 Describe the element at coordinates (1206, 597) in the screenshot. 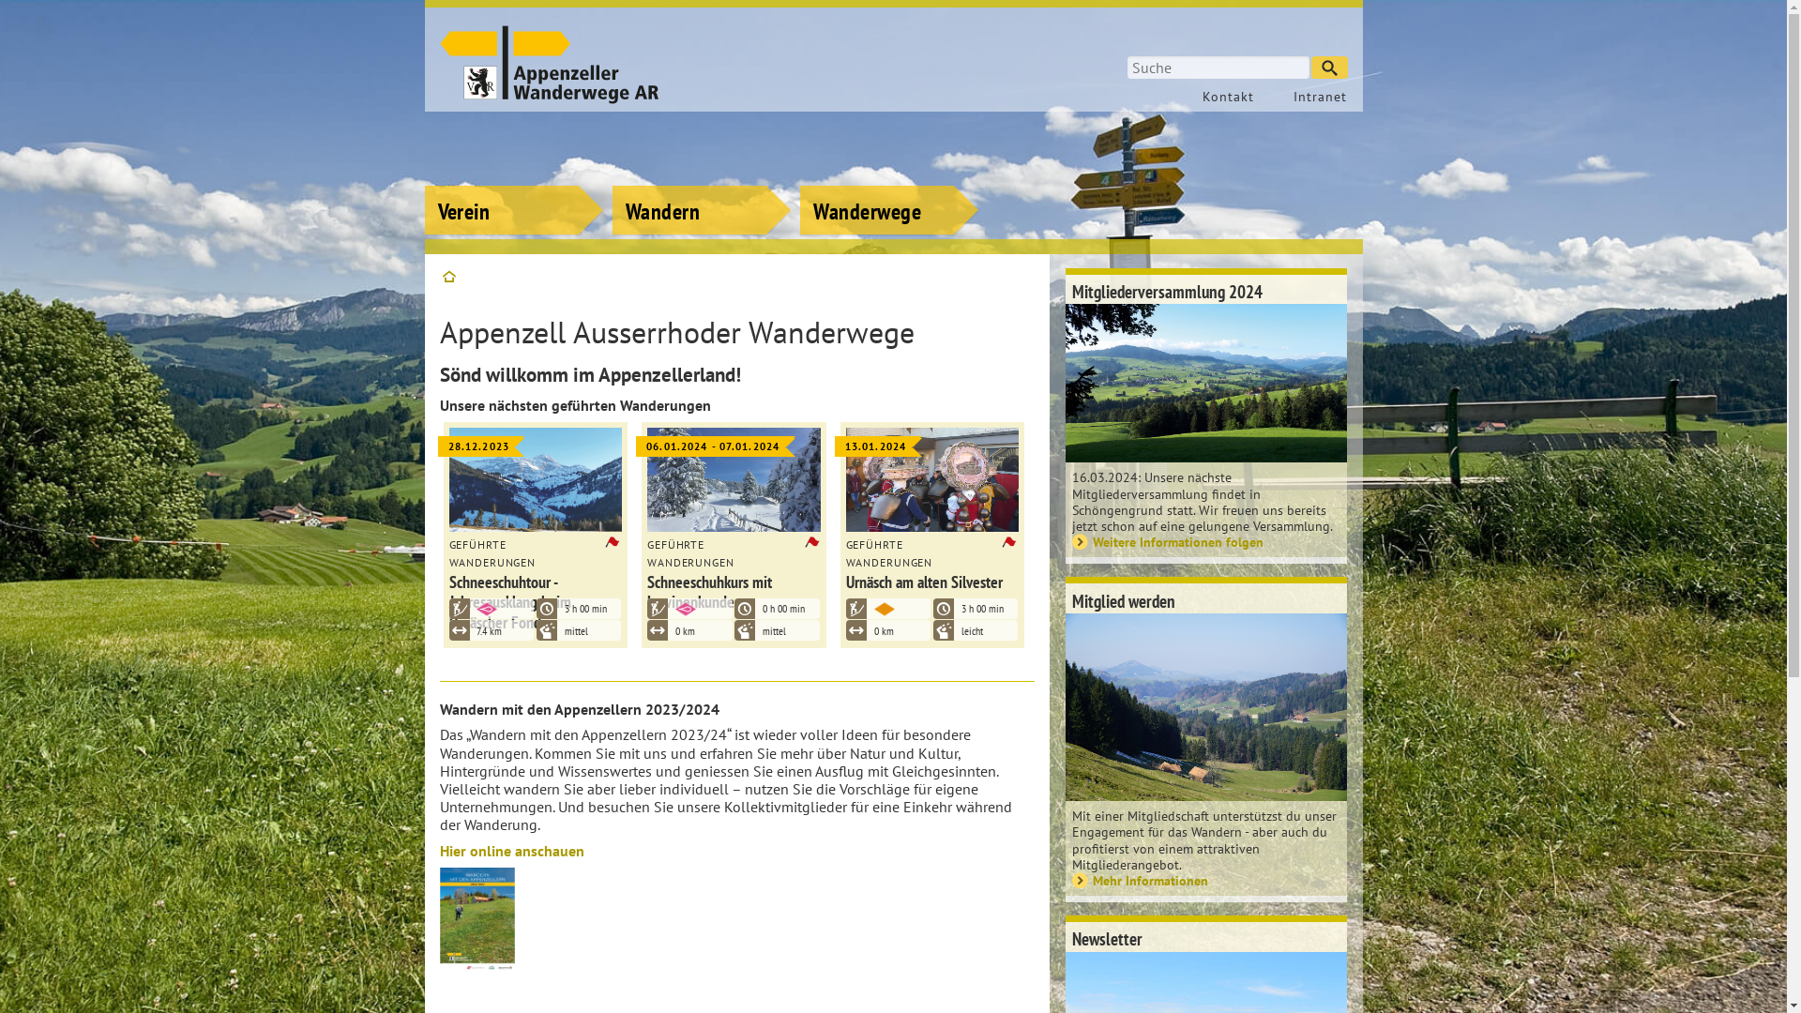

I see `'Mitglied werden'` at that location.